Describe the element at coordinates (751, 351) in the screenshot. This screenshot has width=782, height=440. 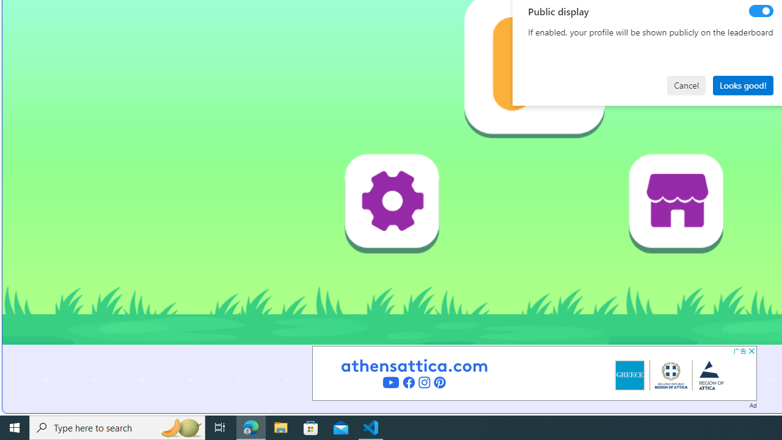
I see `'AutomationID: cbb'` at that location.